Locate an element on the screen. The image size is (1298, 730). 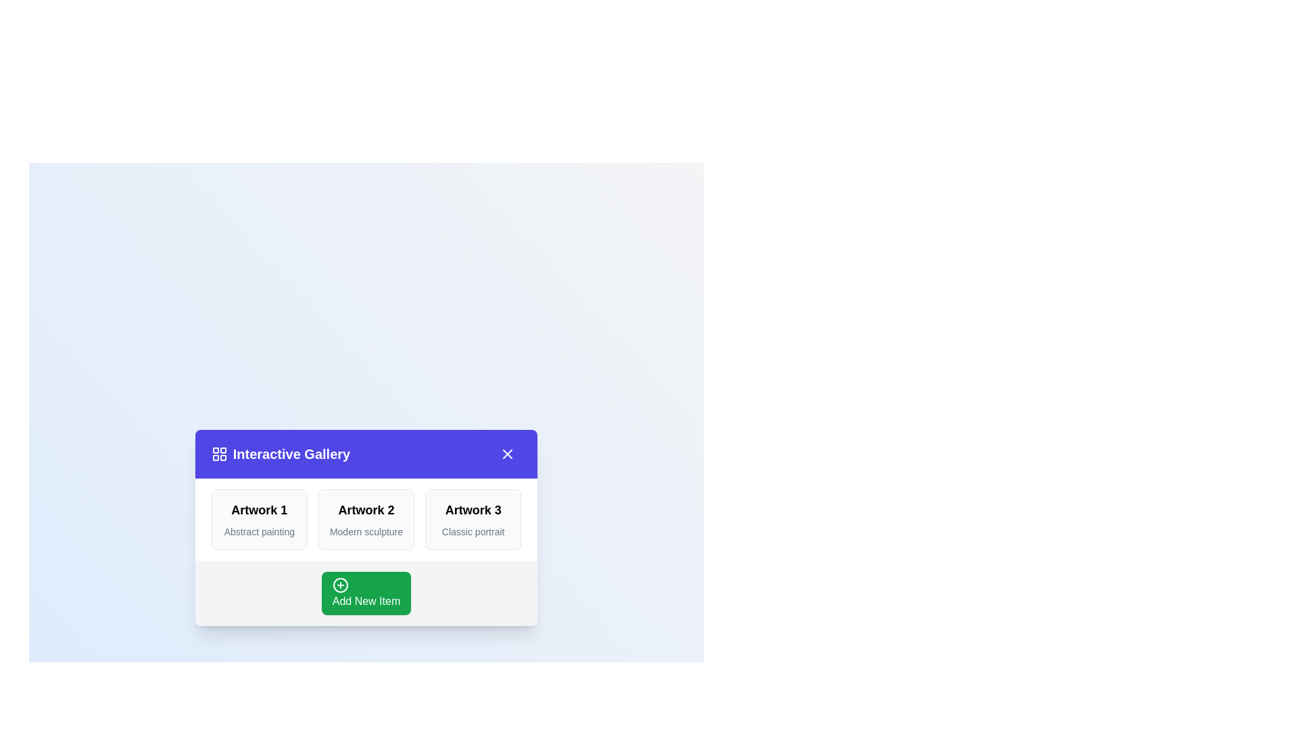
the close button to close the dialog is located at coordinates (507, 454).